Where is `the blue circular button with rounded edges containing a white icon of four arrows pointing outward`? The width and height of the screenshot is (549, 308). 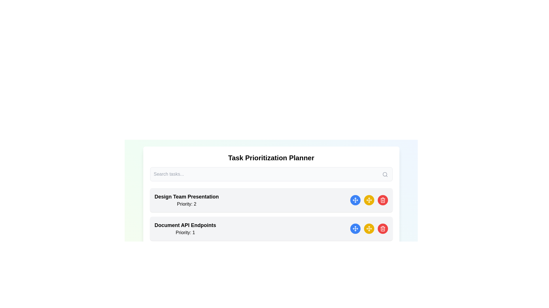 the blue circular button with rounded edges containing a white icon of four arrows pointing outward is located at coordinates (355, 228).